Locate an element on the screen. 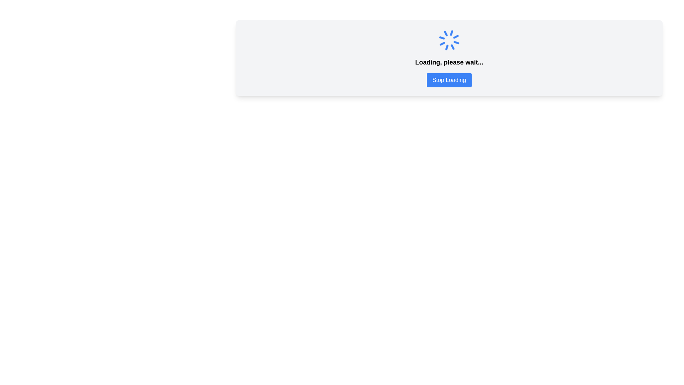  the Visual Loader Segment, which is a blue line segment forming part of the SVG spinner animation, located in the top-right section of the loader is located at coordinates (456, 43).